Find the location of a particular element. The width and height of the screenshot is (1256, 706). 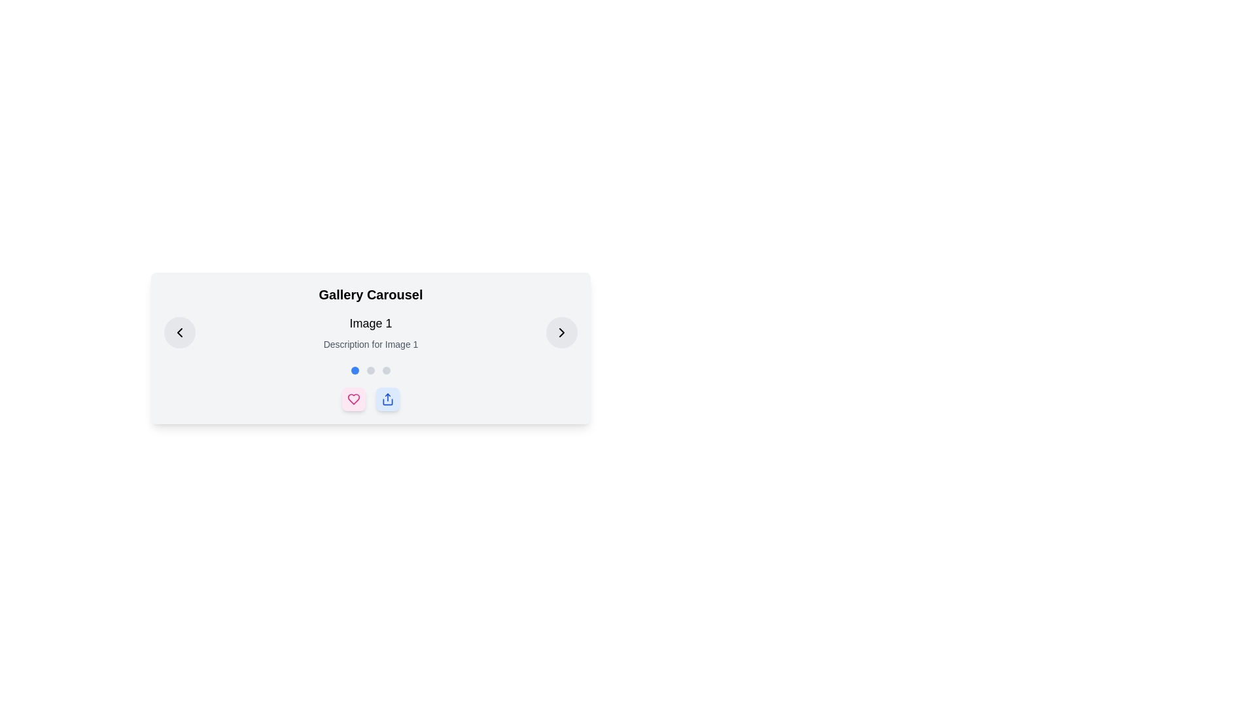

the leftmost circular navigation indicator located in the lower middle area of the card is located at coordinates (355, 371).